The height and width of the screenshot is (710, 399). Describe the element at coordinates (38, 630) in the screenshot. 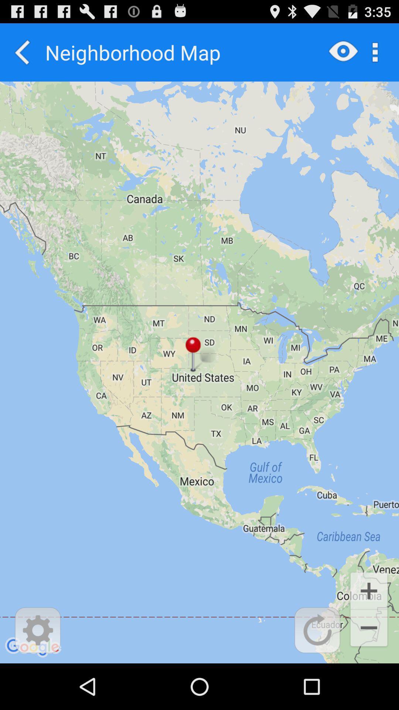

I see `settings icon` at that location.